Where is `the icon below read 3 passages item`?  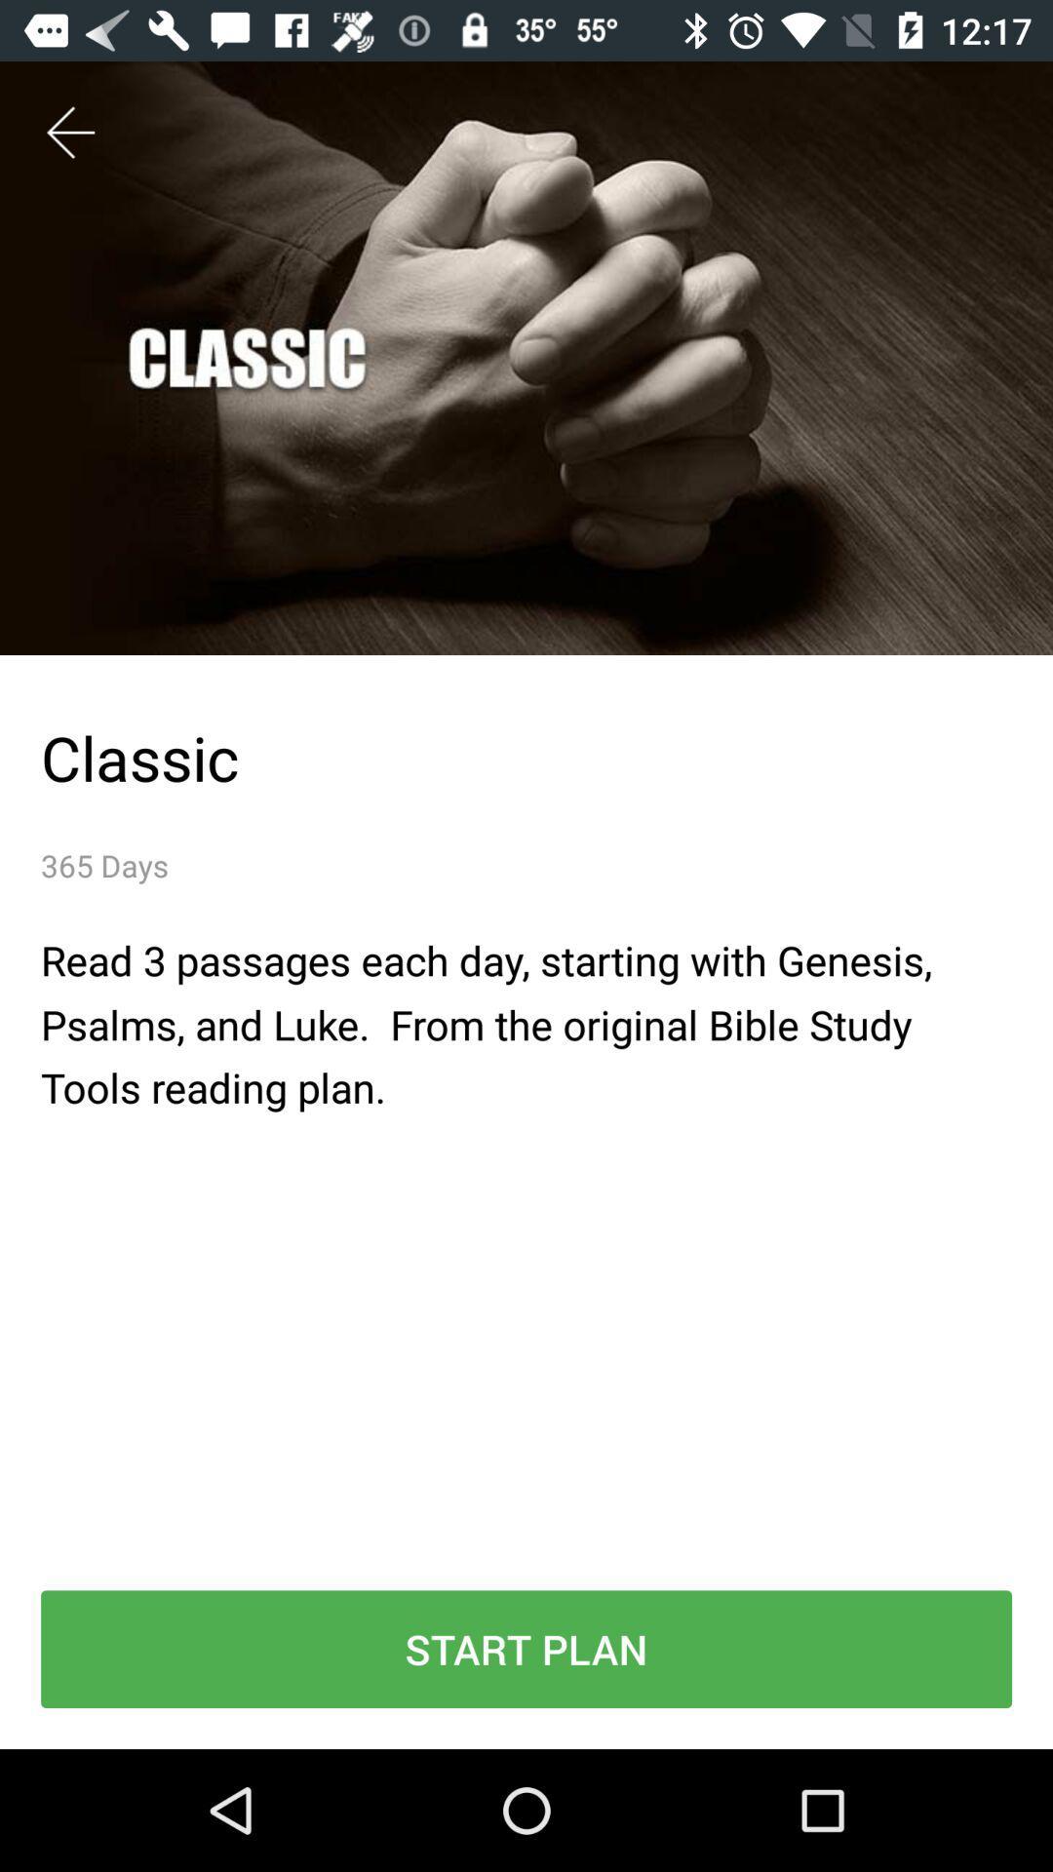 the icon below read 3 passages item is located at coordinates (526, 1648).